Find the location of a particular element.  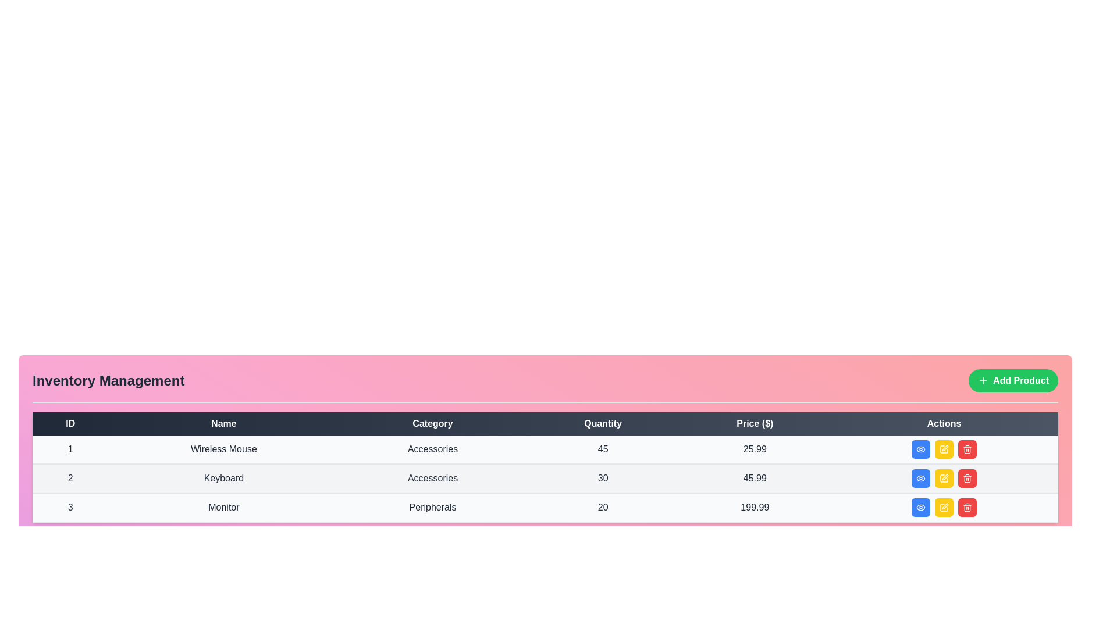

the number '1' in the top-left cell of the 'ID' column of the data table under 'Inventory Management' is located at coordinates (70, 449).